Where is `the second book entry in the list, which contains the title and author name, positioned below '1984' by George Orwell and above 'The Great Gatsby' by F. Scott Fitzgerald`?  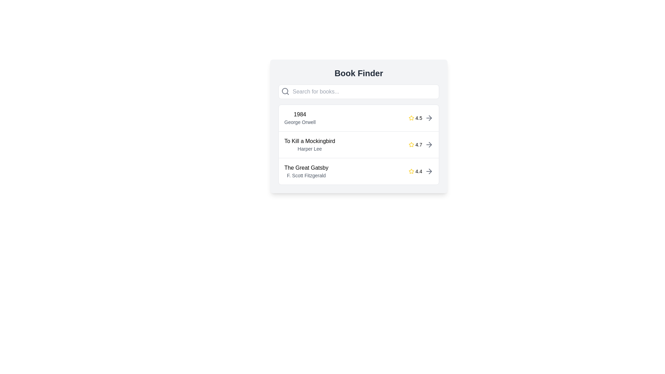 the second book entry in the list, which contains the title and author name, positioned below '1984' by George Orwell and above 'The Great Gatsby' by F. Scott Fitzgerald is located at coordinates (309, 144).